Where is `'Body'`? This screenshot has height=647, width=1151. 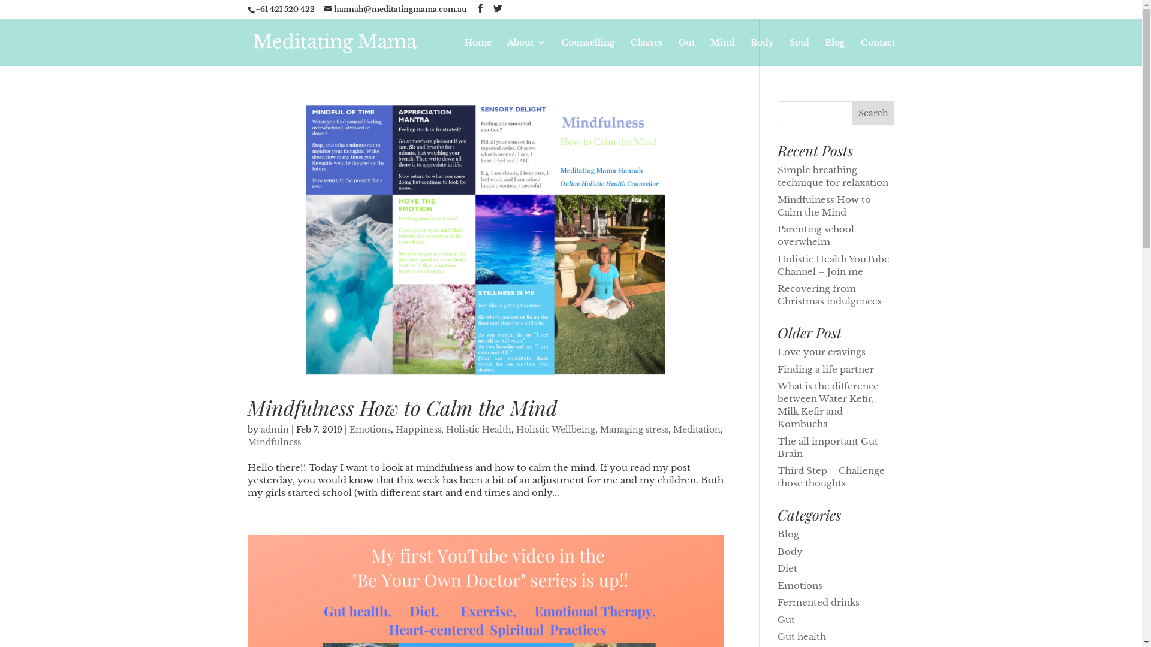
'Body' is located at coordinates (790, 551).